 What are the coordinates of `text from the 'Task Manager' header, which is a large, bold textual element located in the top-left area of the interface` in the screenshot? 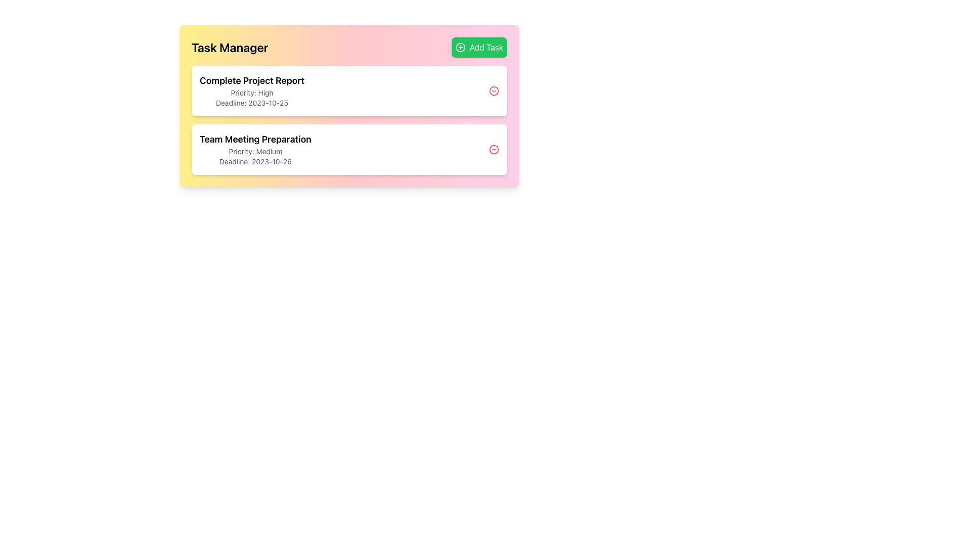 It's located at (229, 47).